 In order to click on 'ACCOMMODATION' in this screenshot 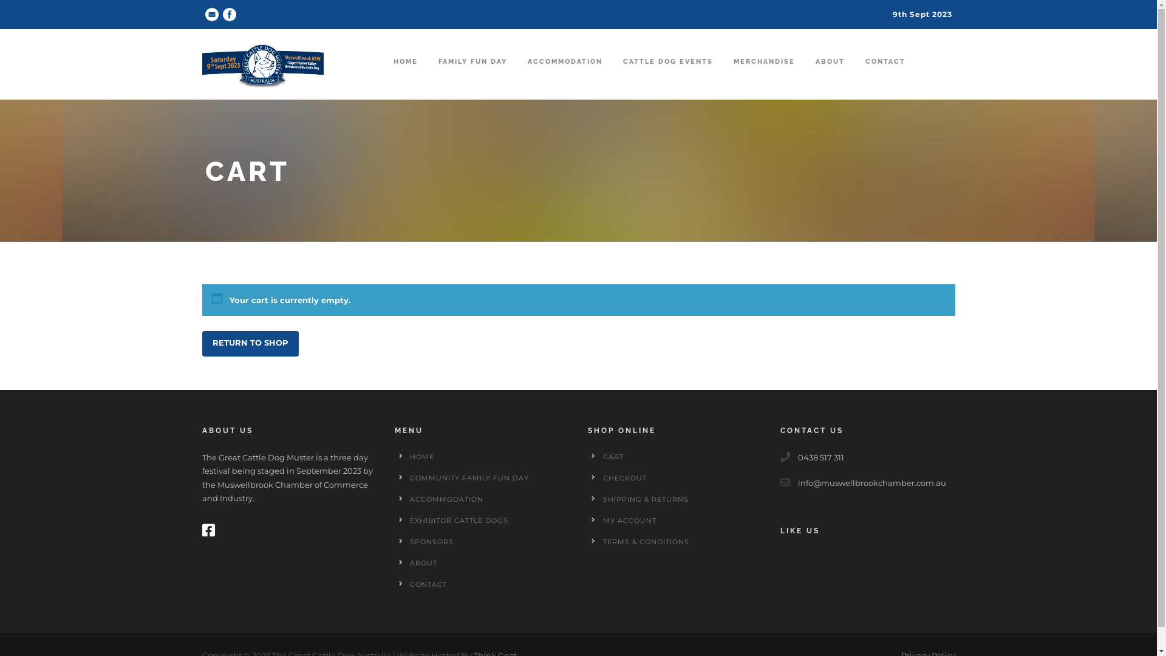, I will do `click(446, 499)`.